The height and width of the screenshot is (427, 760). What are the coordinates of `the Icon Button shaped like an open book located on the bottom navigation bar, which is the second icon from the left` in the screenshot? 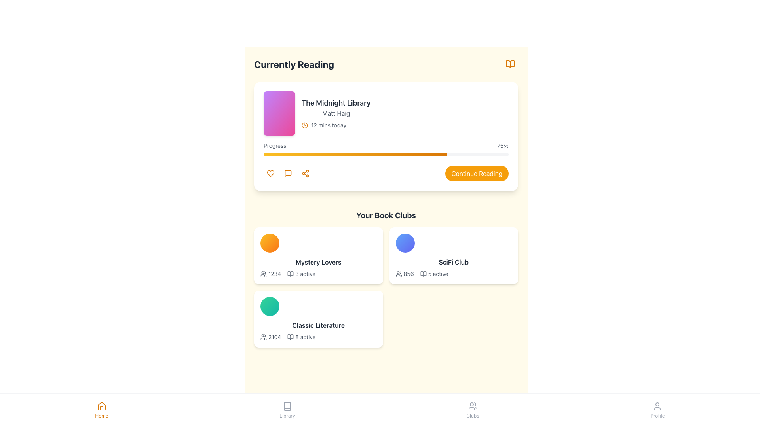 It's located at (287, 406).